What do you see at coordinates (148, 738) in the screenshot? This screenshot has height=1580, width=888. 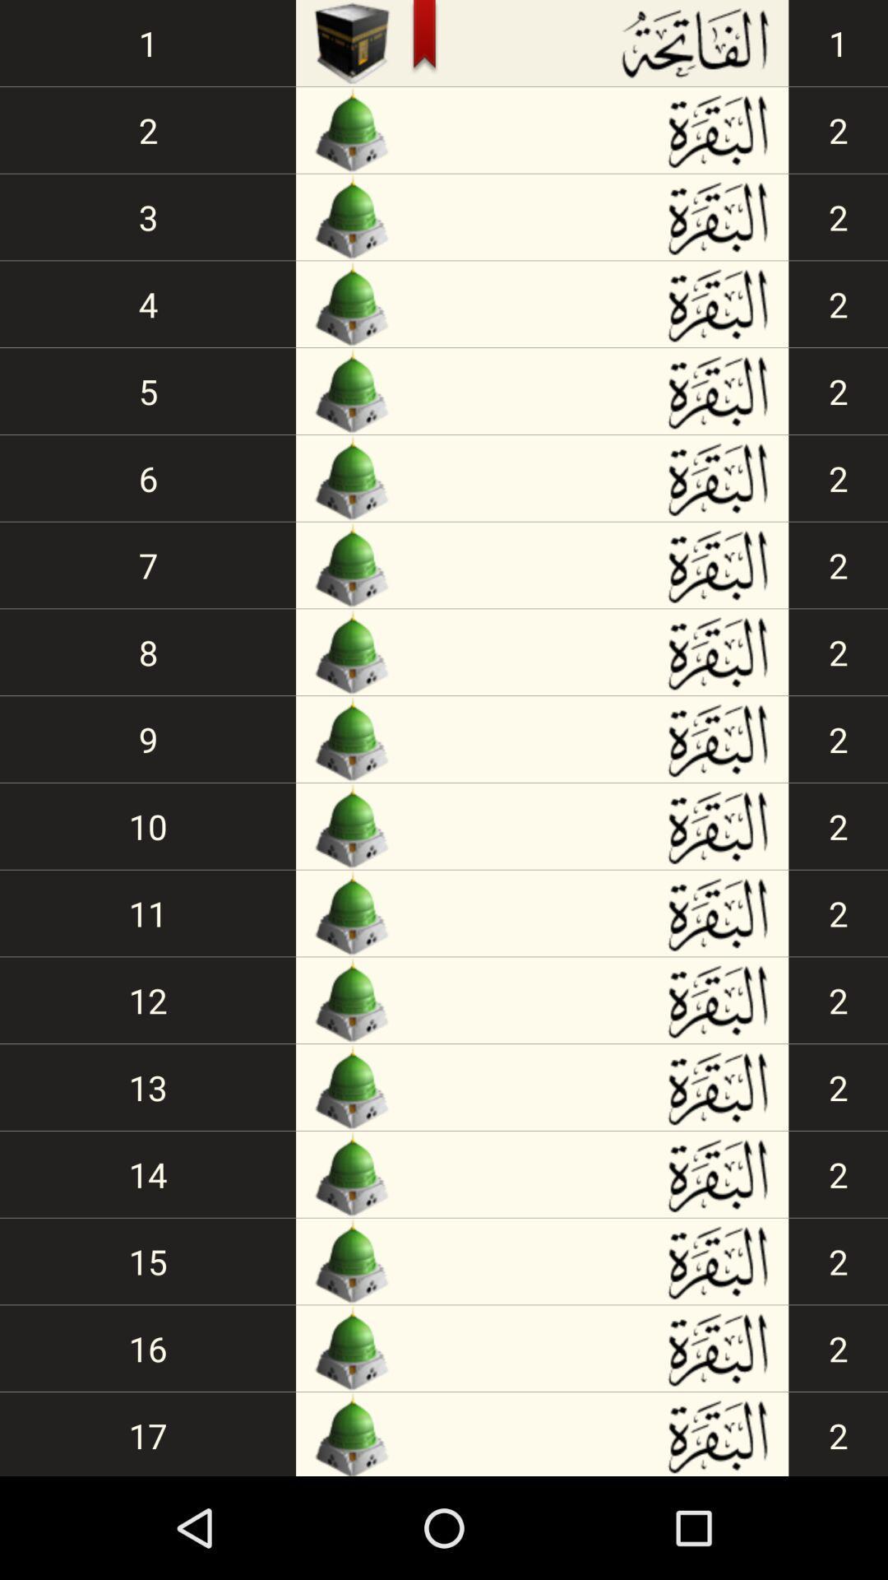 I see `icon below the 8 item` at bounding box center [148, 738].